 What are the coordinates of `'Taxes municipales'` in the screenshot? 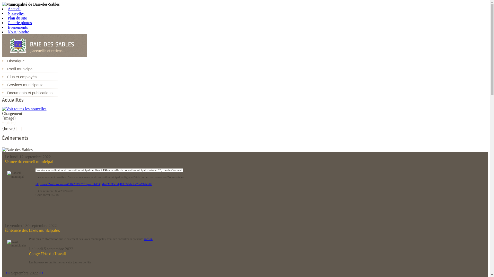 It's located at (7, 249).